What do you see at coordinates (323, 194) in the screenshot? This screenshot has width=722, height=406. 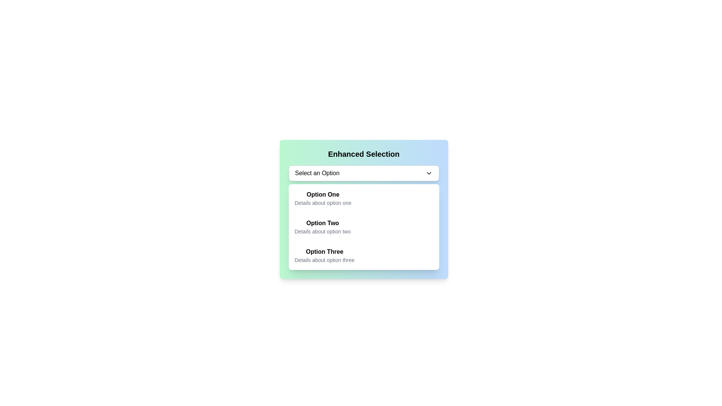 I see `the bold title element located in the first item of the 'Enhanced Selection' dropdown menu, which serves as the title for the first selectable option` at bounding box center [323, 194].